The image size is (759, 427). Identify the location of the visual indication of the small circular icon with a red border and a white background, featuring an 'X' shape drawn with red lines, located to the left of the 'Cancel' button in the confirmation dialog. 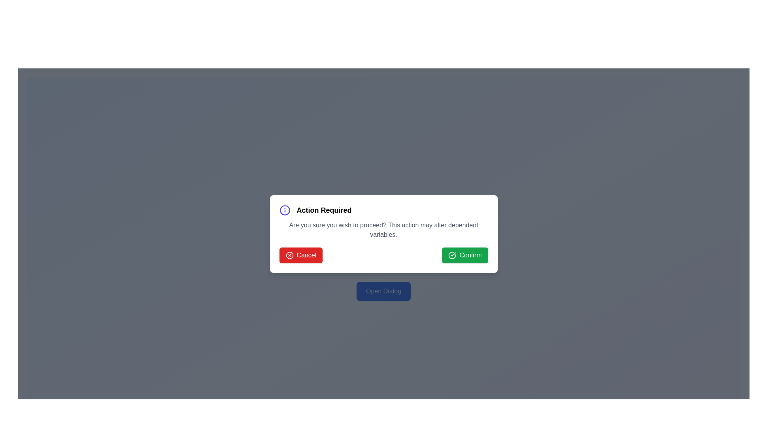
(289, 255).